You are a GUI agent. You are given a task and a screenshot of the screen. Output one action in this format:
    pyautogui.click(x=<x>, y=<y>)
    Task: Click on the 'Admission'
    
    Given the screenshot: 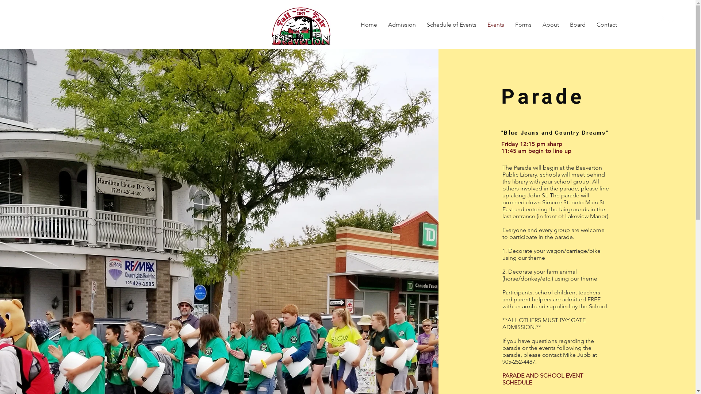 What is the action you would take?
    pyautogui.click(x=401, y=24)
    